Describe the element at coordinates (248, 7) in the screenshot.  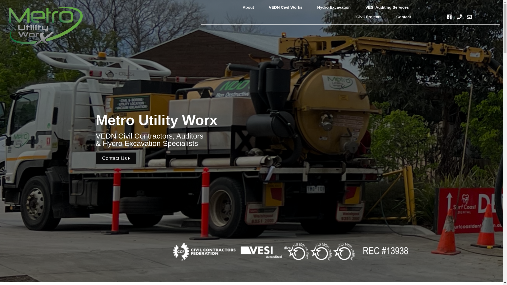
I see `'About'` at that location.